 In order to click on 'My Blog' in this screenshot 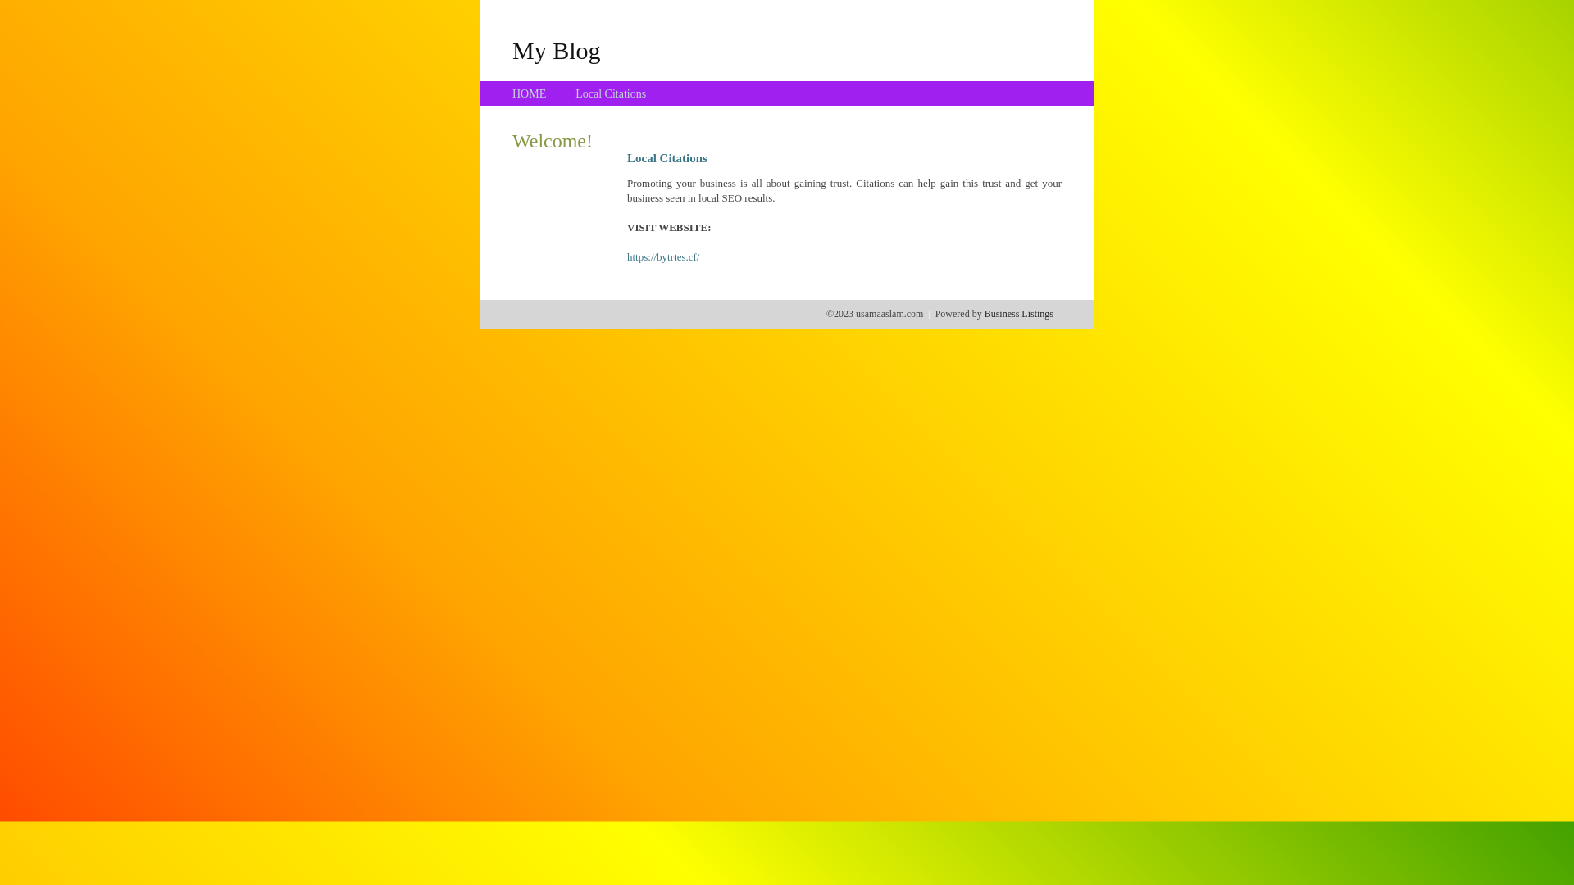, I will do `click(556, 49)`.